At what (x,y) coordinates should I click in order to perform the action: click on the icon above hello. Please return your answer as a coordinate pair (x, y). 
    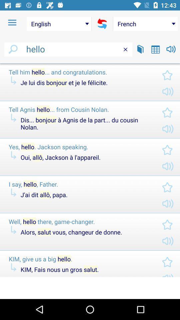
    Looking at the image, I should click on (145, 24).